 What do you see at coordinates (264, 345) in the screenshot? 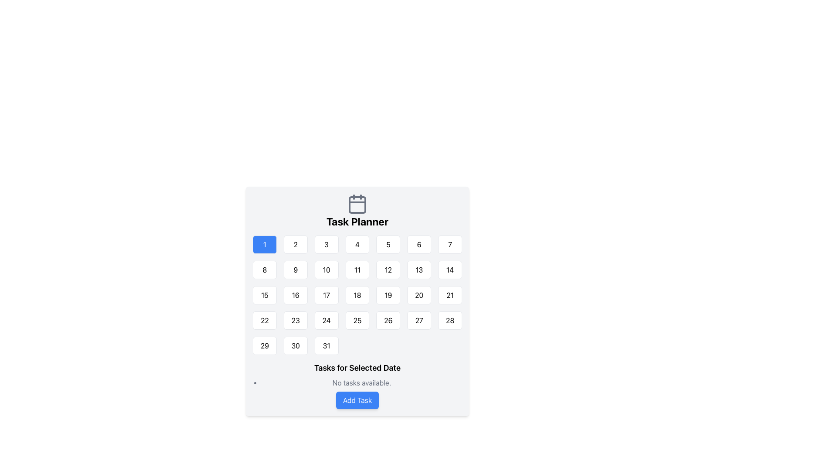
I see `the square button displaying the number '29' in bold black font, which has a white background and rounded borders` at bounding box center [264, 345].